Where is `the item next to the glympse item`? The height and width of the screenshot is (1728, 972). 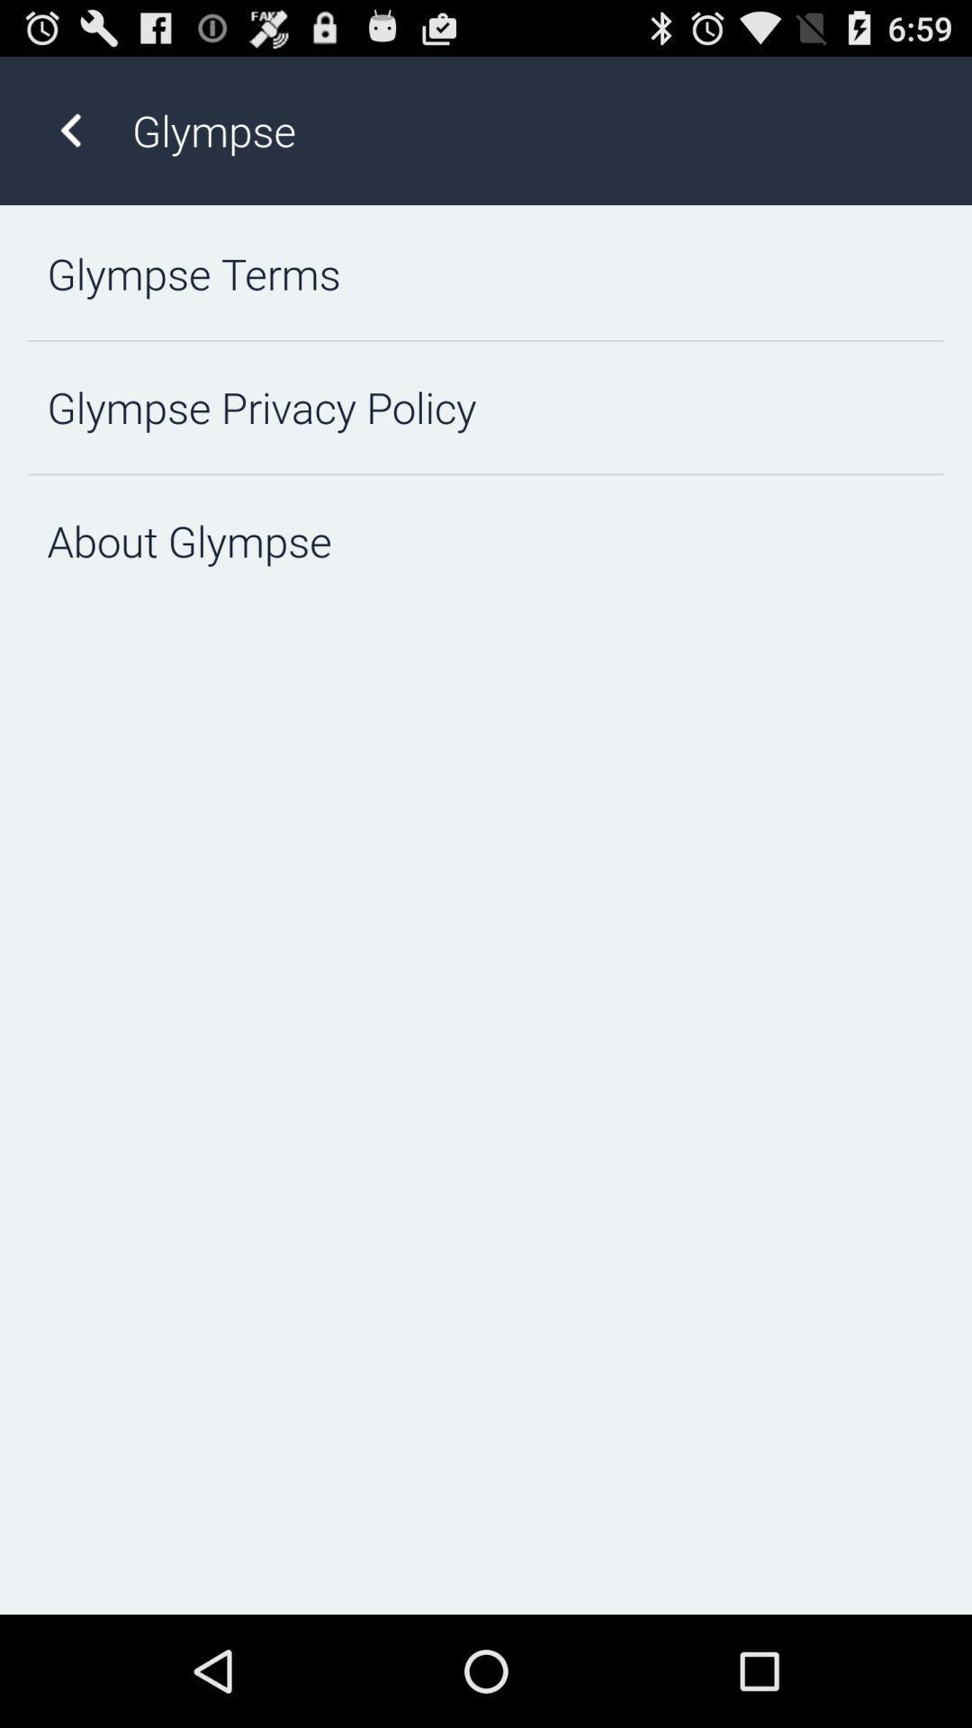
the item next to the glympse item is located at coordinates (69, 130).